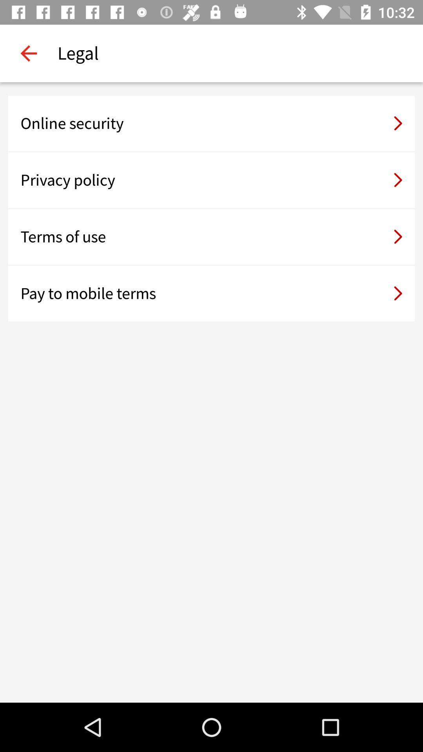  Describe the element at coordinates (211, 293) in the screenshot. I see `the pay to mobile` at that location.